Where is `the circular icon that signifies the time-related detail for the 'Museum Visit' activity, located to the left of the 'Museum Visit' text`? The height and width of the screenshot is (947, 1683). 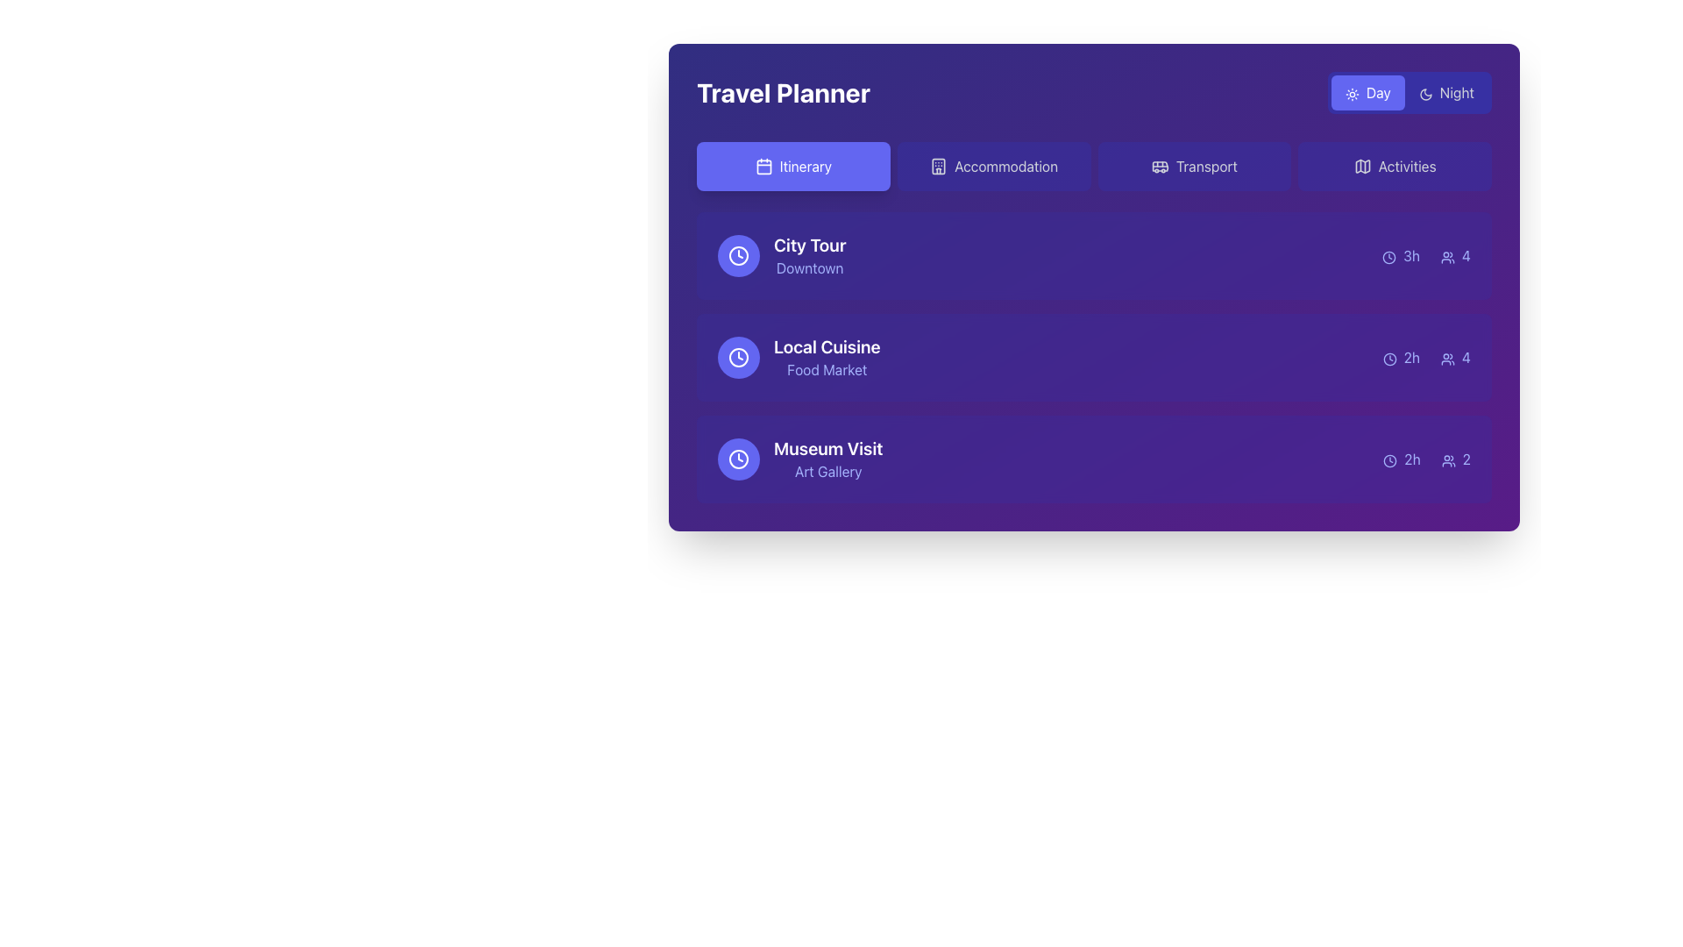 the circular icon that signifies the time-related detail for the 'Museum Visit' activity, located to the left of the 'Museum Visit' text is located at coordinates (739, 459).